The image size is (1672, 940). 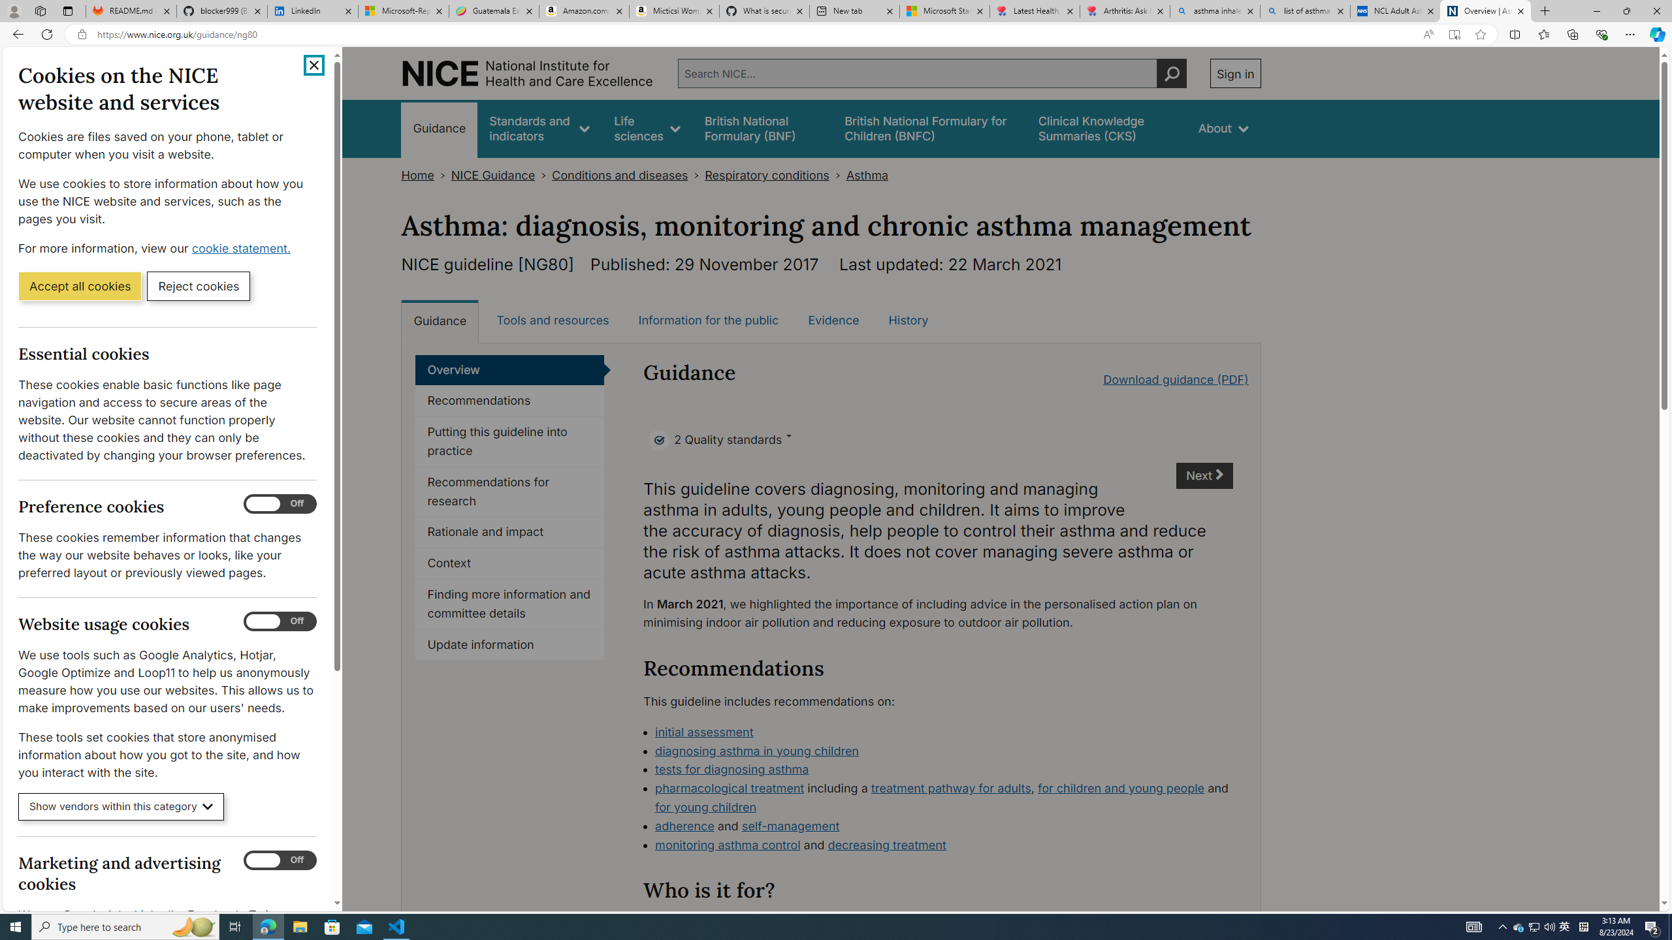 What do you see at coordinates (509, 532) in the screenshot?
I see `'Rationale and impact'` at bounding box center [509, 532].